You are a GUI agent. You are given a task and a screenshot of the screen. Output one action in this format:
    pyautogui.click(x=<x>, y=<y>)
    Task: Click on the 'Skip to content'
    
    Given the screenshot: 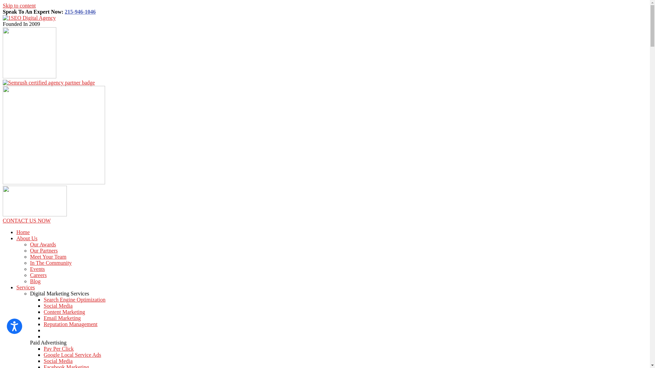 What is the action you would take?
    pyautogui.click(x=19, y=5)
    